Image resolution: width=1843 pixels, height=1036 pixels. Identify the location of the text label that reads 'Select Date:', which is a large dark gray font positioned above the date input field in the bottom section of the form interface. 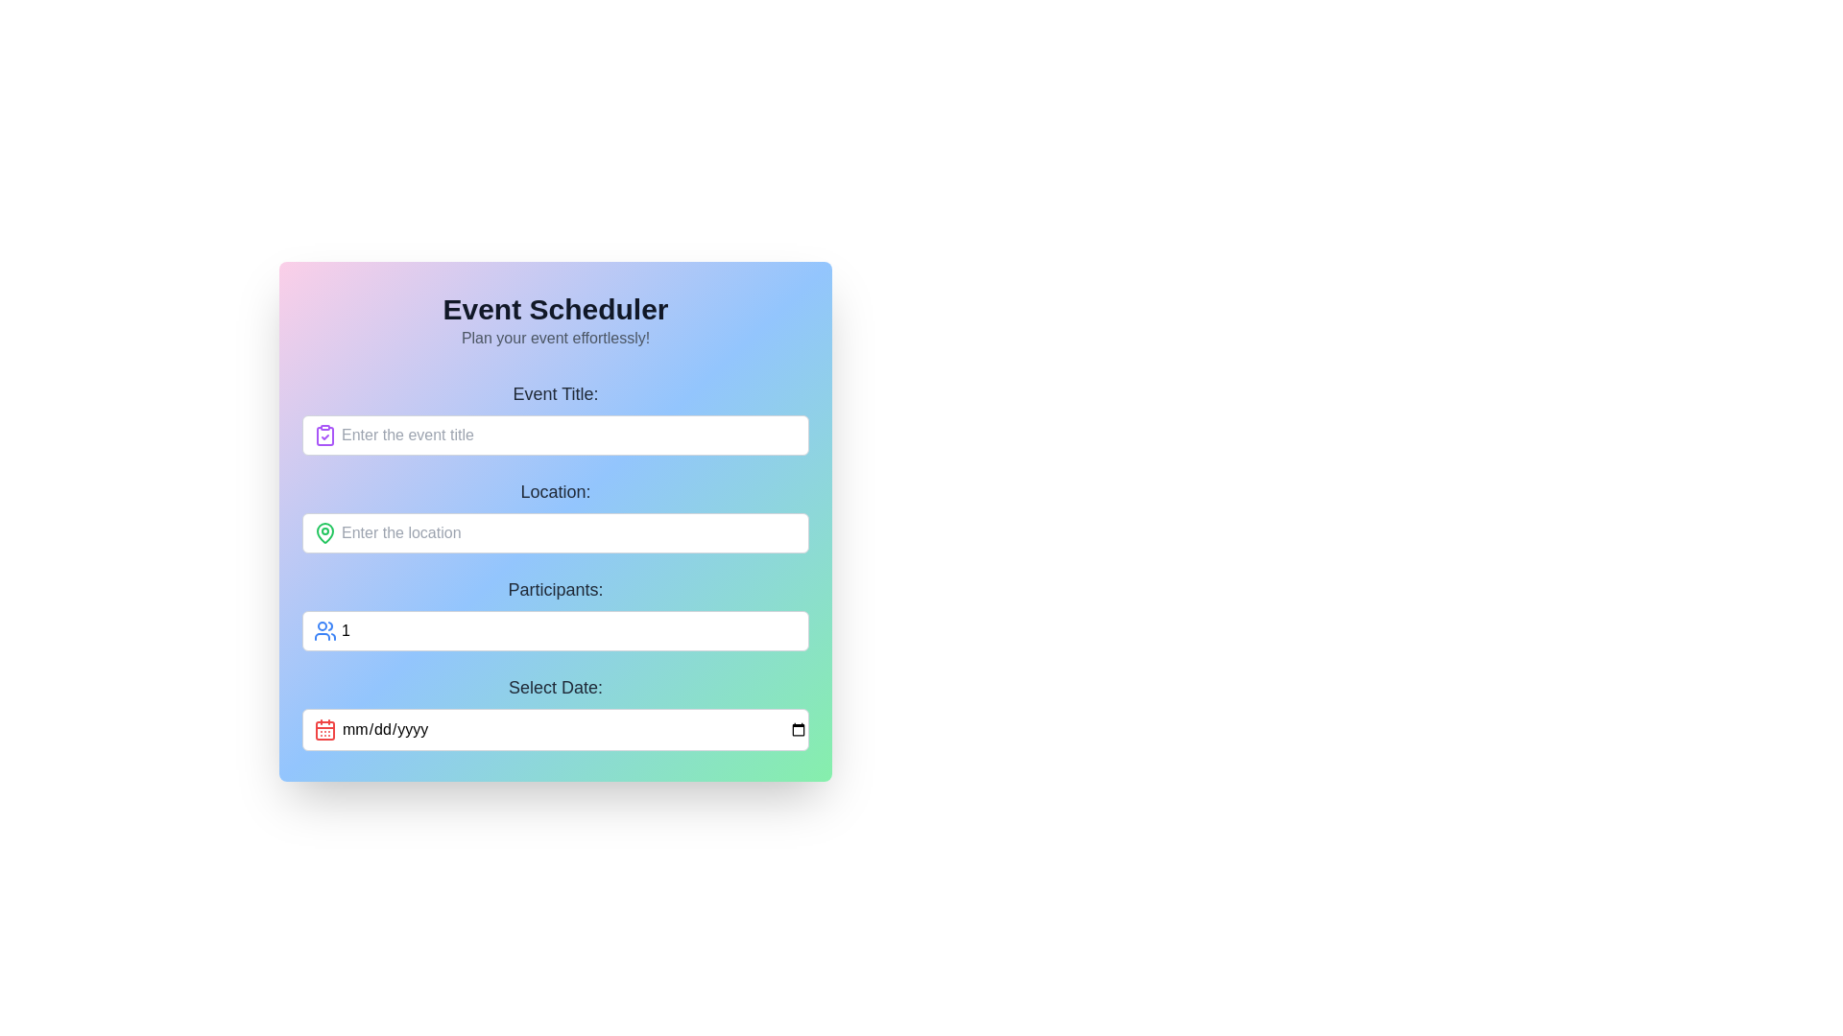
(555, 687).